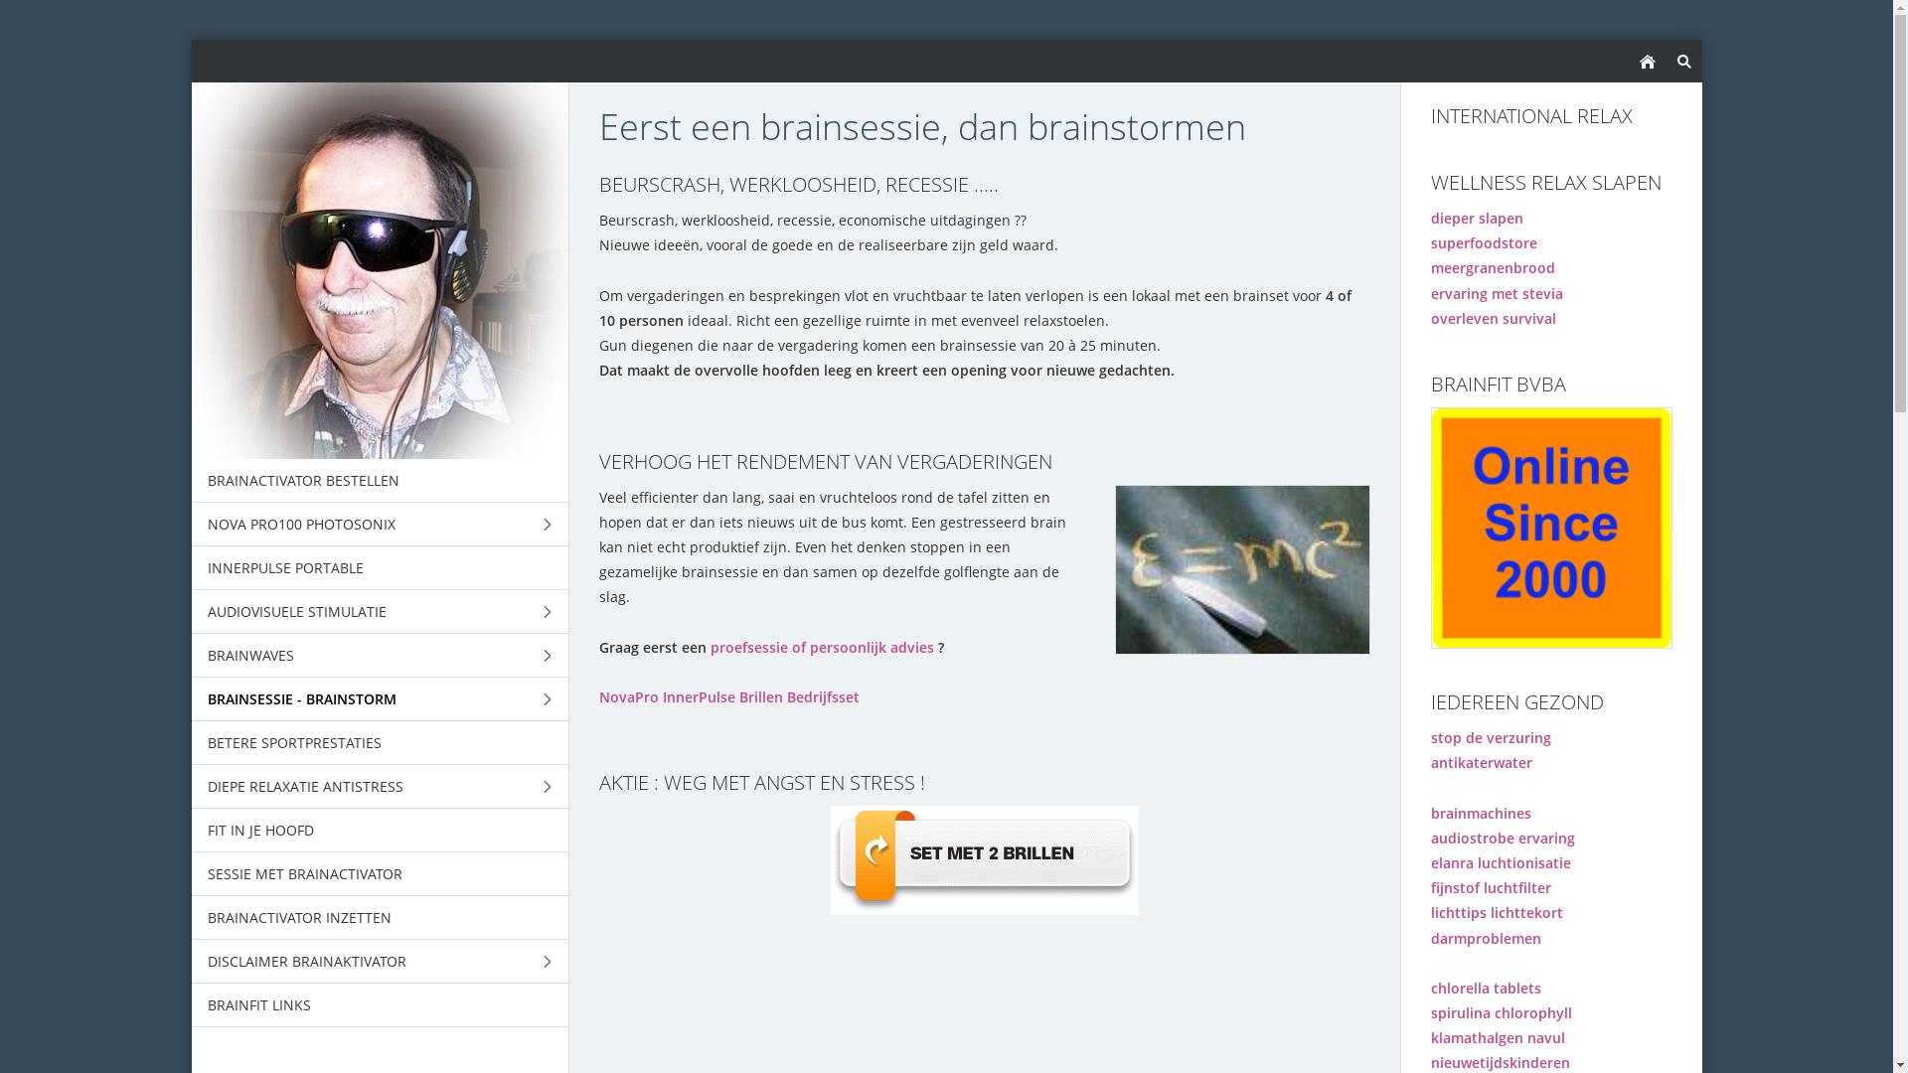 The height and width of the screenshot is (1073, 1908). I want to click on 'fijnstof luchtfilter', so click(1491, 886).